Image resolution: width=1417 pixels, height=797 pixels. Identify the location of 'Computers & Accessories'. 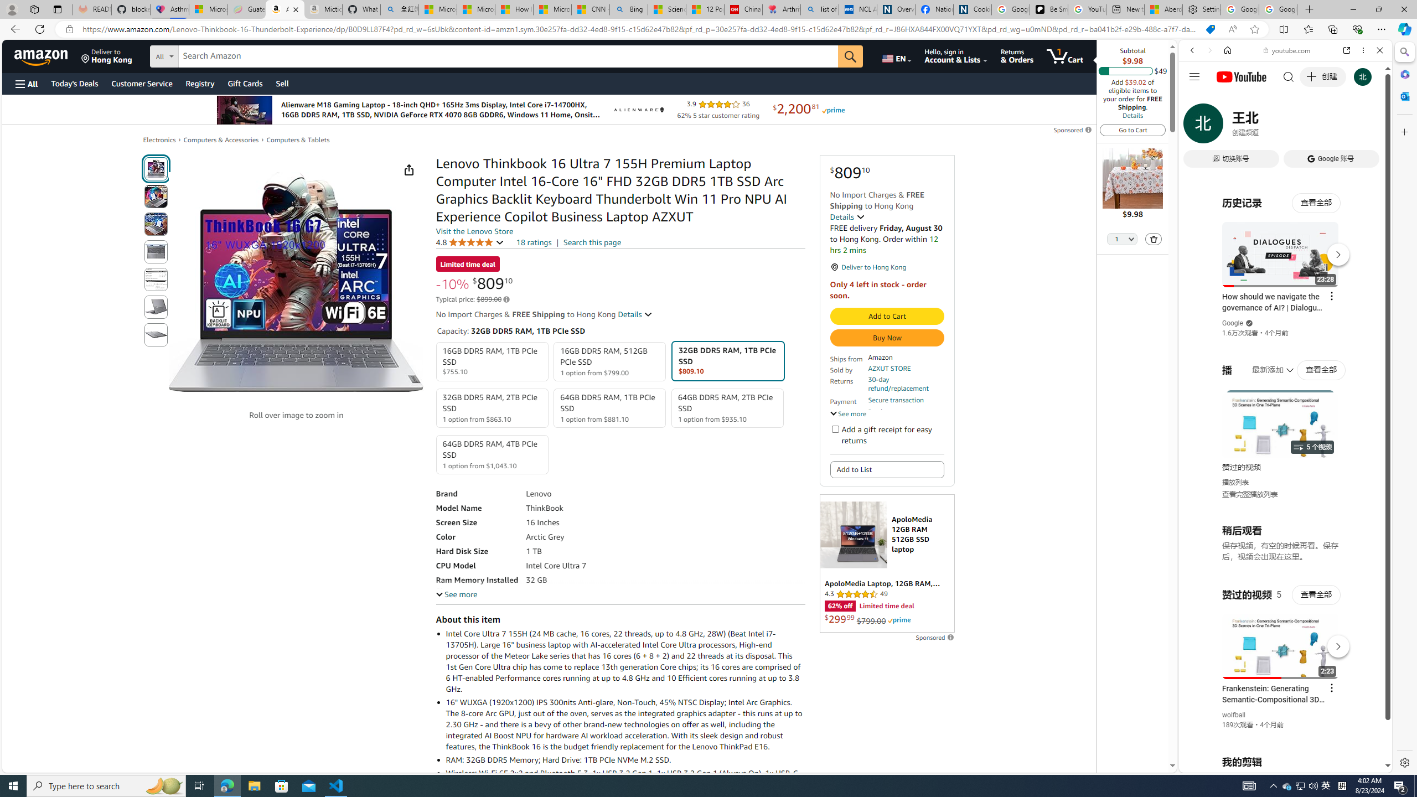
(221, 139).